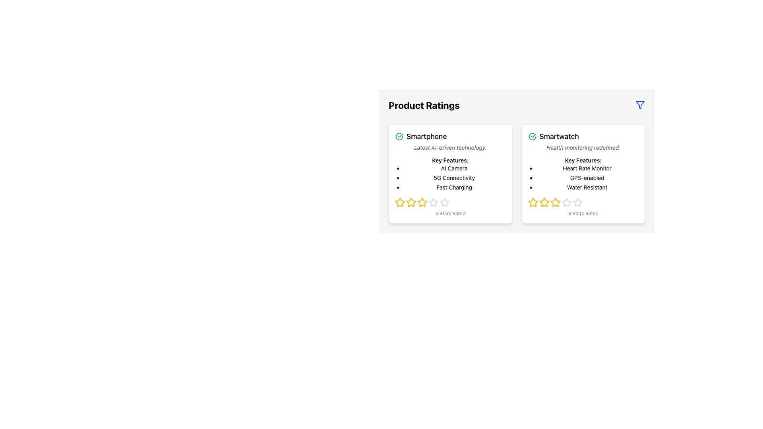 This screenshot has width=763, height=429. Describe the element at coordinates (411, 202) in the screenshot. I see `the third star icon in the star rating element under the 'Smartphone' card` at that location.